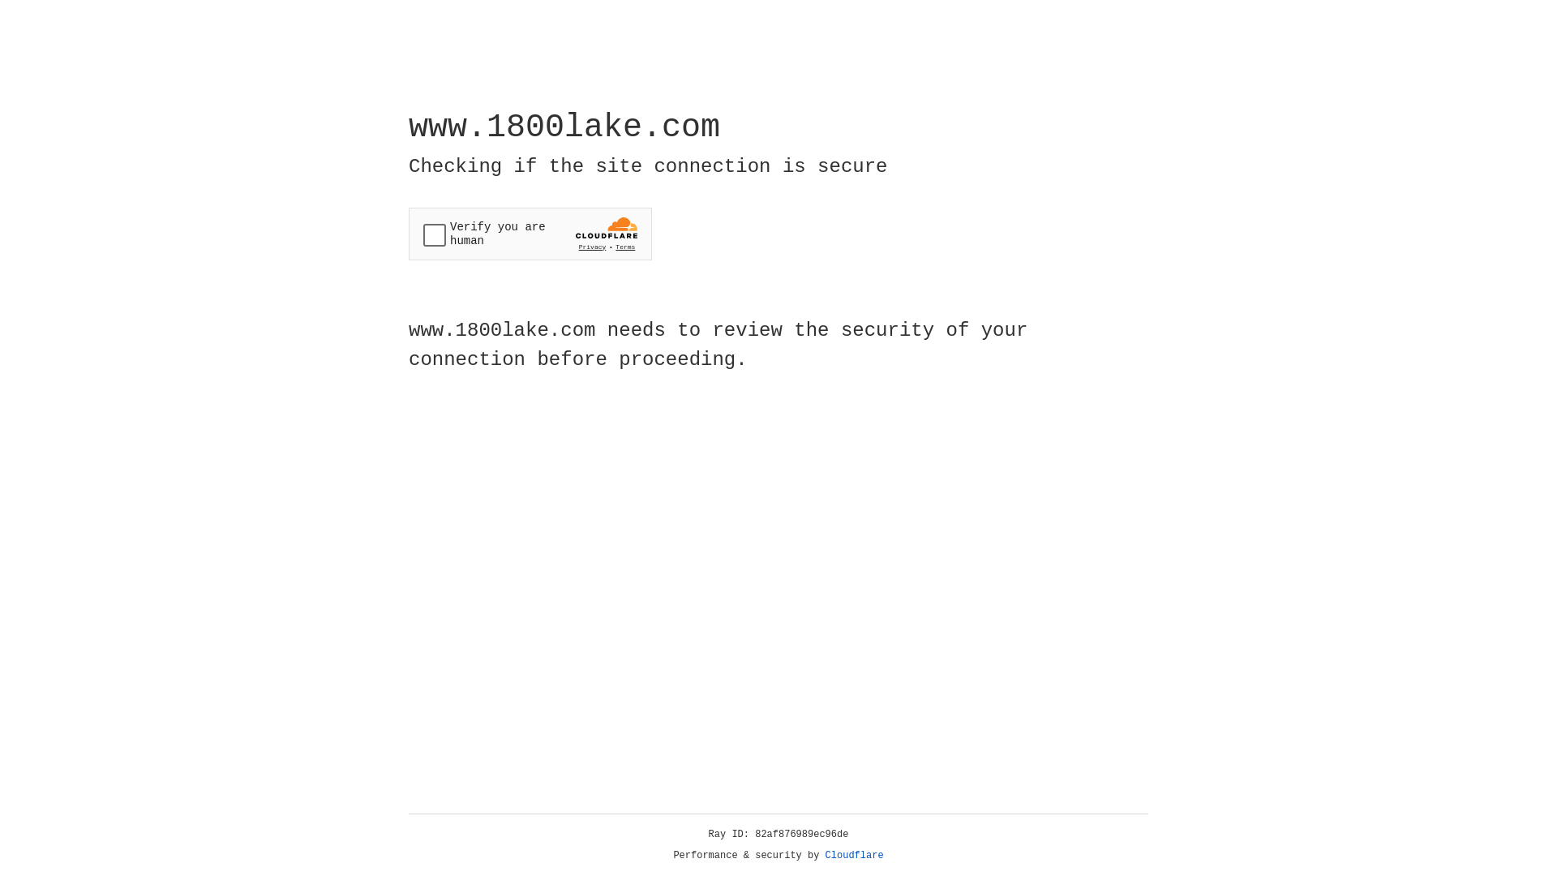 The width and height of the screenshot is (1557, 876). I want to click on 'Cloudflare', so click(854, 855).